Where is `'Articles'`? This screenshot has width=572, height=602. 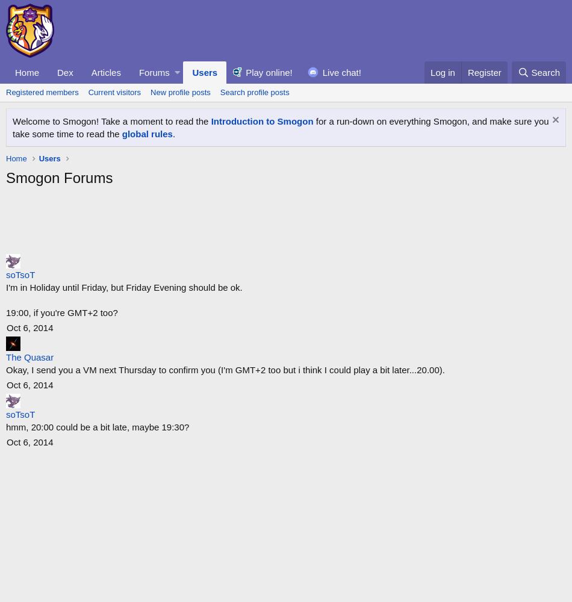 'Articles' is located at coordinates (105, 71).